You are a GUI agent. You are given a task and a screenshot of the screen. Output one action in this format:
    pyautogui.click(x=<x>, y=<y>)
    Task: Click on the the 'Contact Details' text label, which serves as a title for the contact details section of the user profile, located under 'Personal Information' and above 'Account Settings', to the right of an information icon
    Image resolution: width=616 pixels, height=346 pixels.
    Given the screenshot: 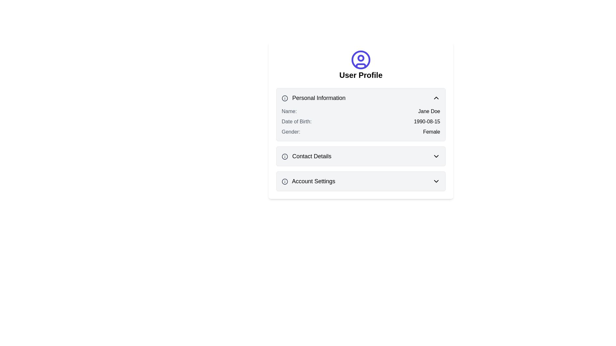 What is the action you would take?
    pyautogui.click(x=306, y=156)
    